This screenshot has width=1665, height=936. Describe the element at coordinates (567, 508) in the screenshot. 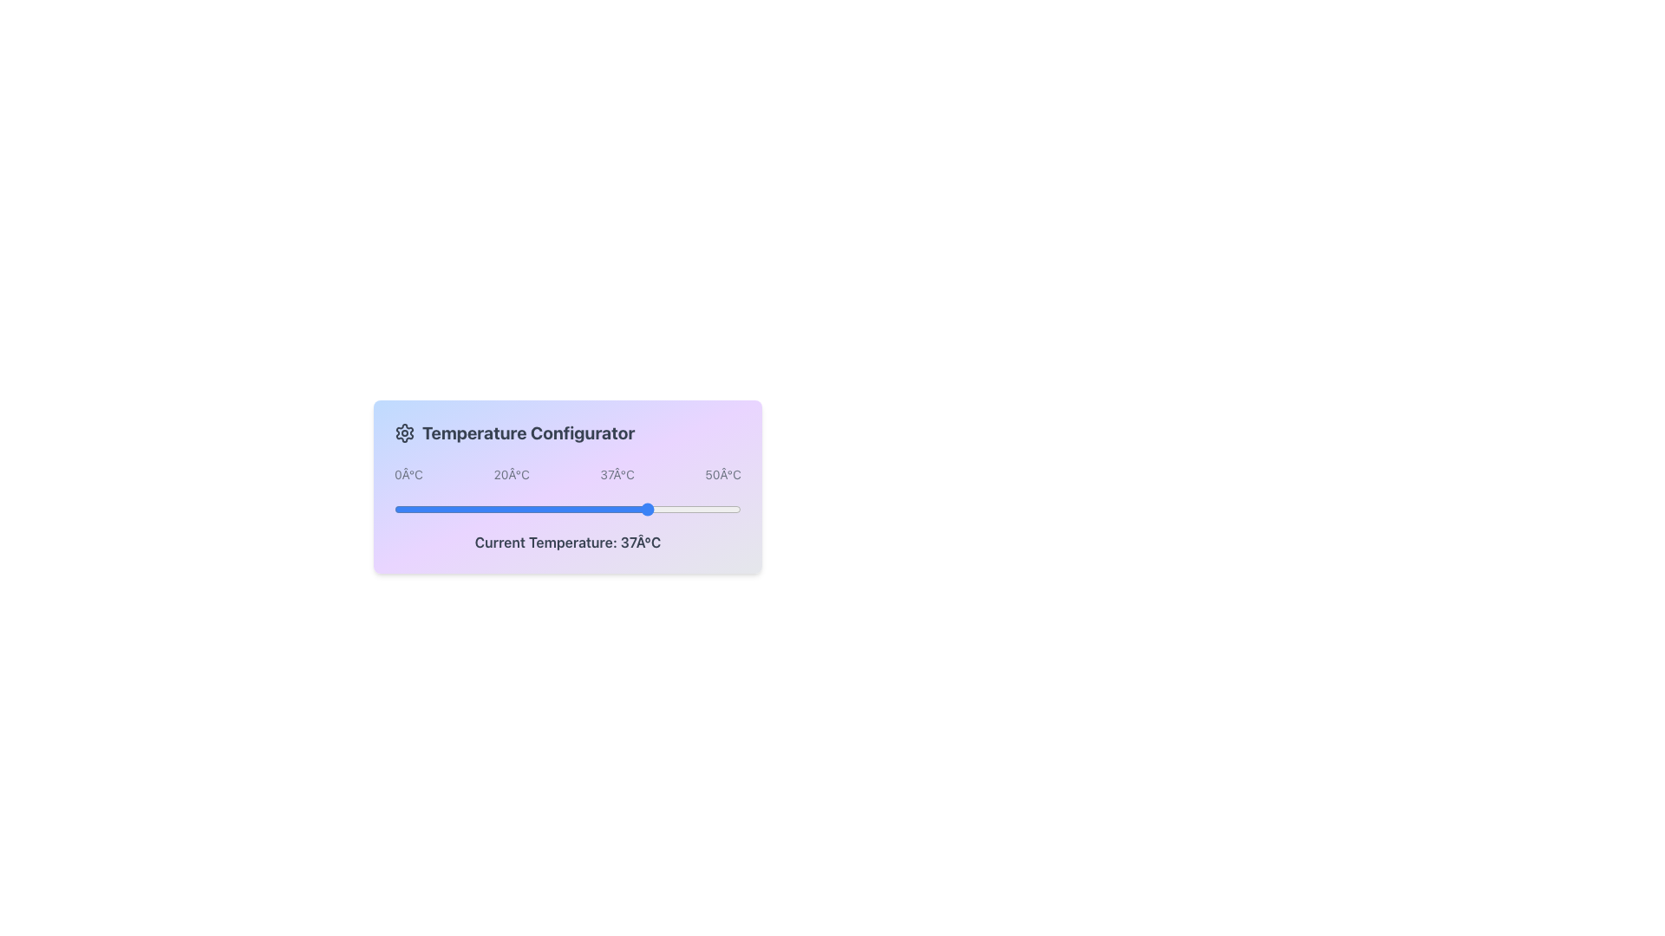

I see `the knob of the horizontal slider` at that location.